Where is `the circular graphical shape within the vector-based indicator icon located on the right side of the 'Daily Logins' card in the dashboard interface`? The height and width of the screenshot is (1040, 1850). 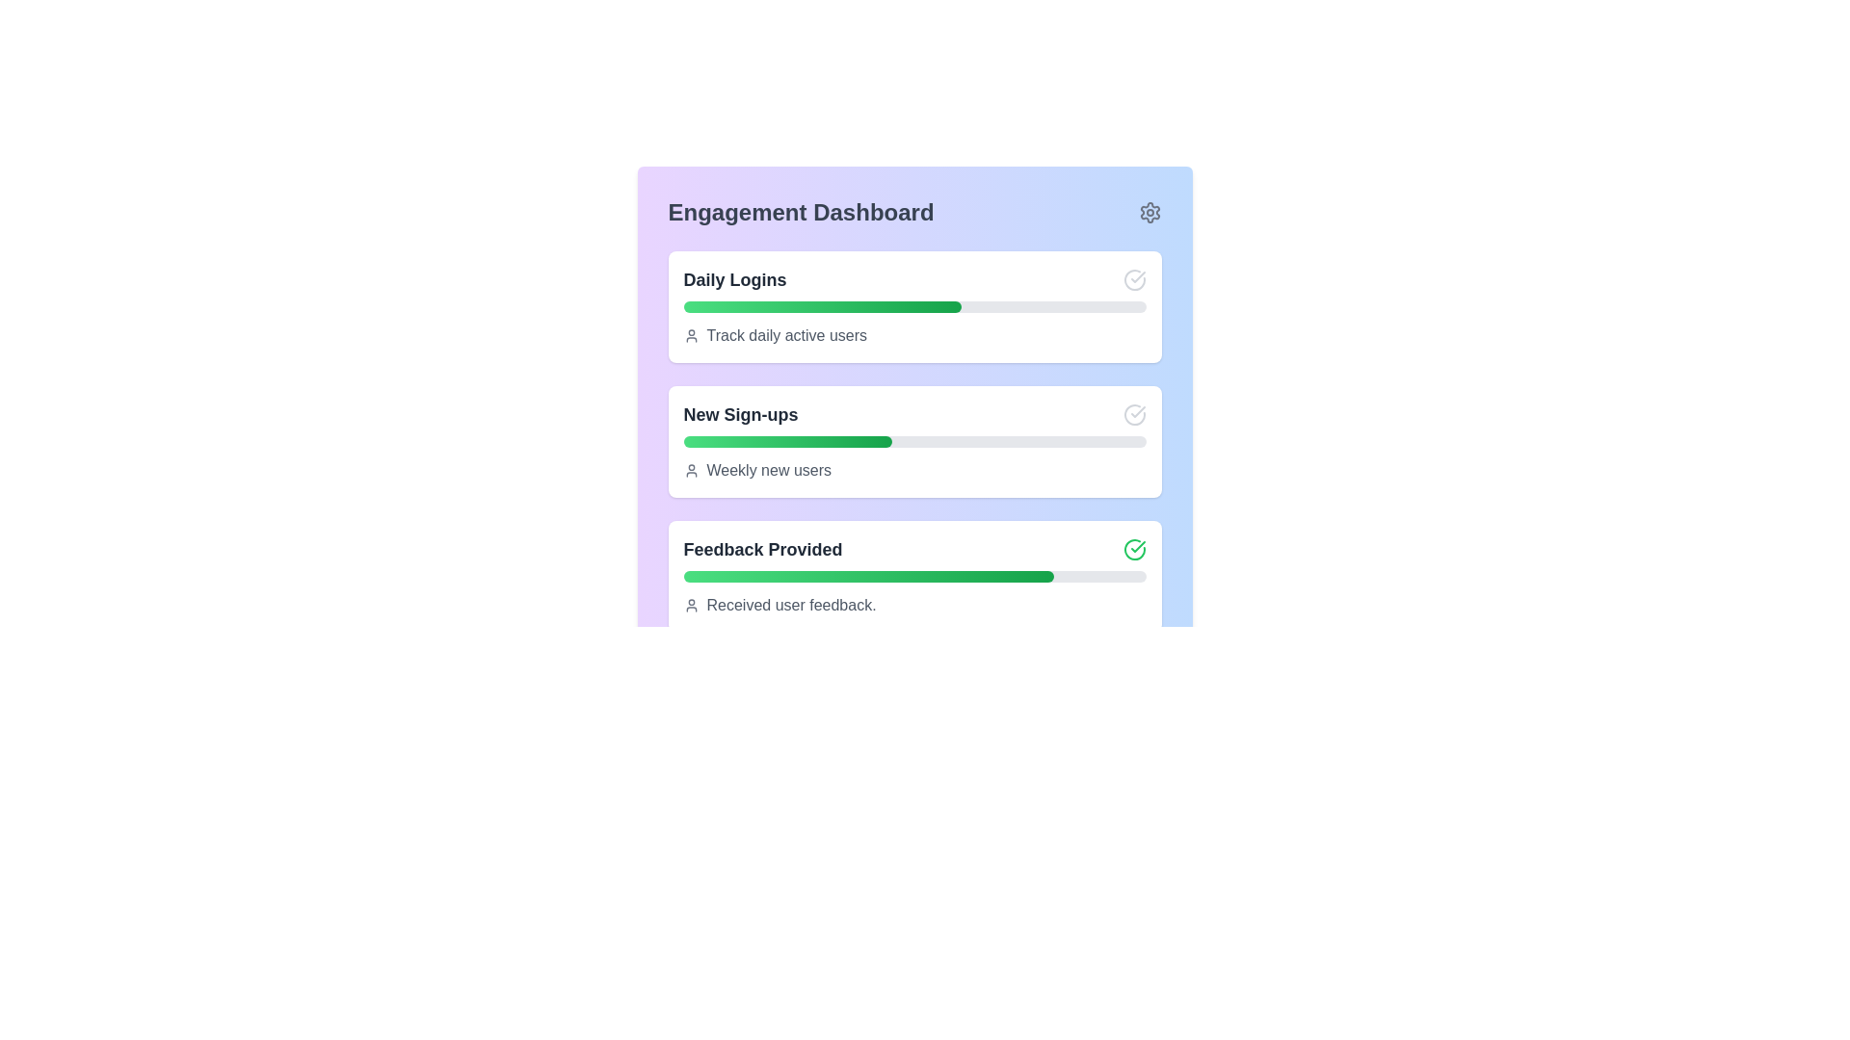 the circular graphical shape within the vector-based indicator icon located on the right side of the 'Daily Logins' card in the dashboard interface is located at coordinates (1134, 279).